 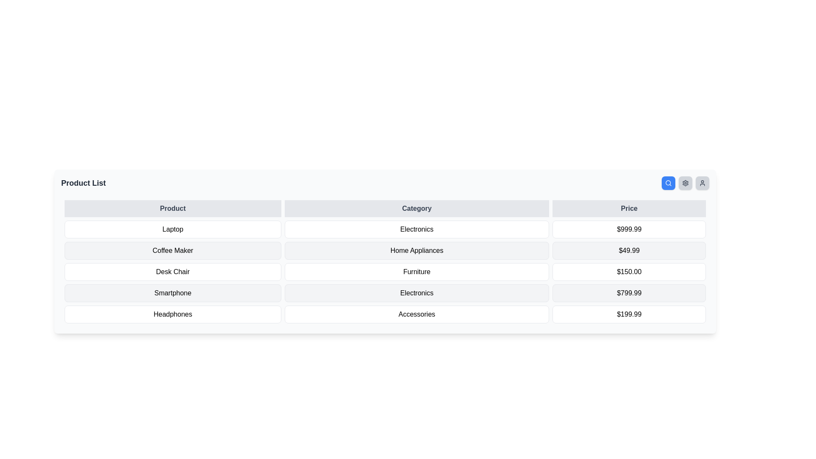 I want to click on the text label displaying the monetary value '$799.99', which is located in the third column of the fourth row under the 'Price' header in the data table, so click(x=629, y=293).